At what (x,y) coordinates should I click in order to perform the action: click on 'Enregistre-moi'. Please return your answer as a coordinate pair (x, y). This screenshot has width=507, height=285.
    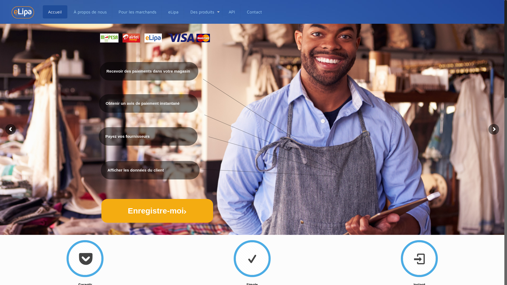
    Looking at the image, I should click on (157, 210).